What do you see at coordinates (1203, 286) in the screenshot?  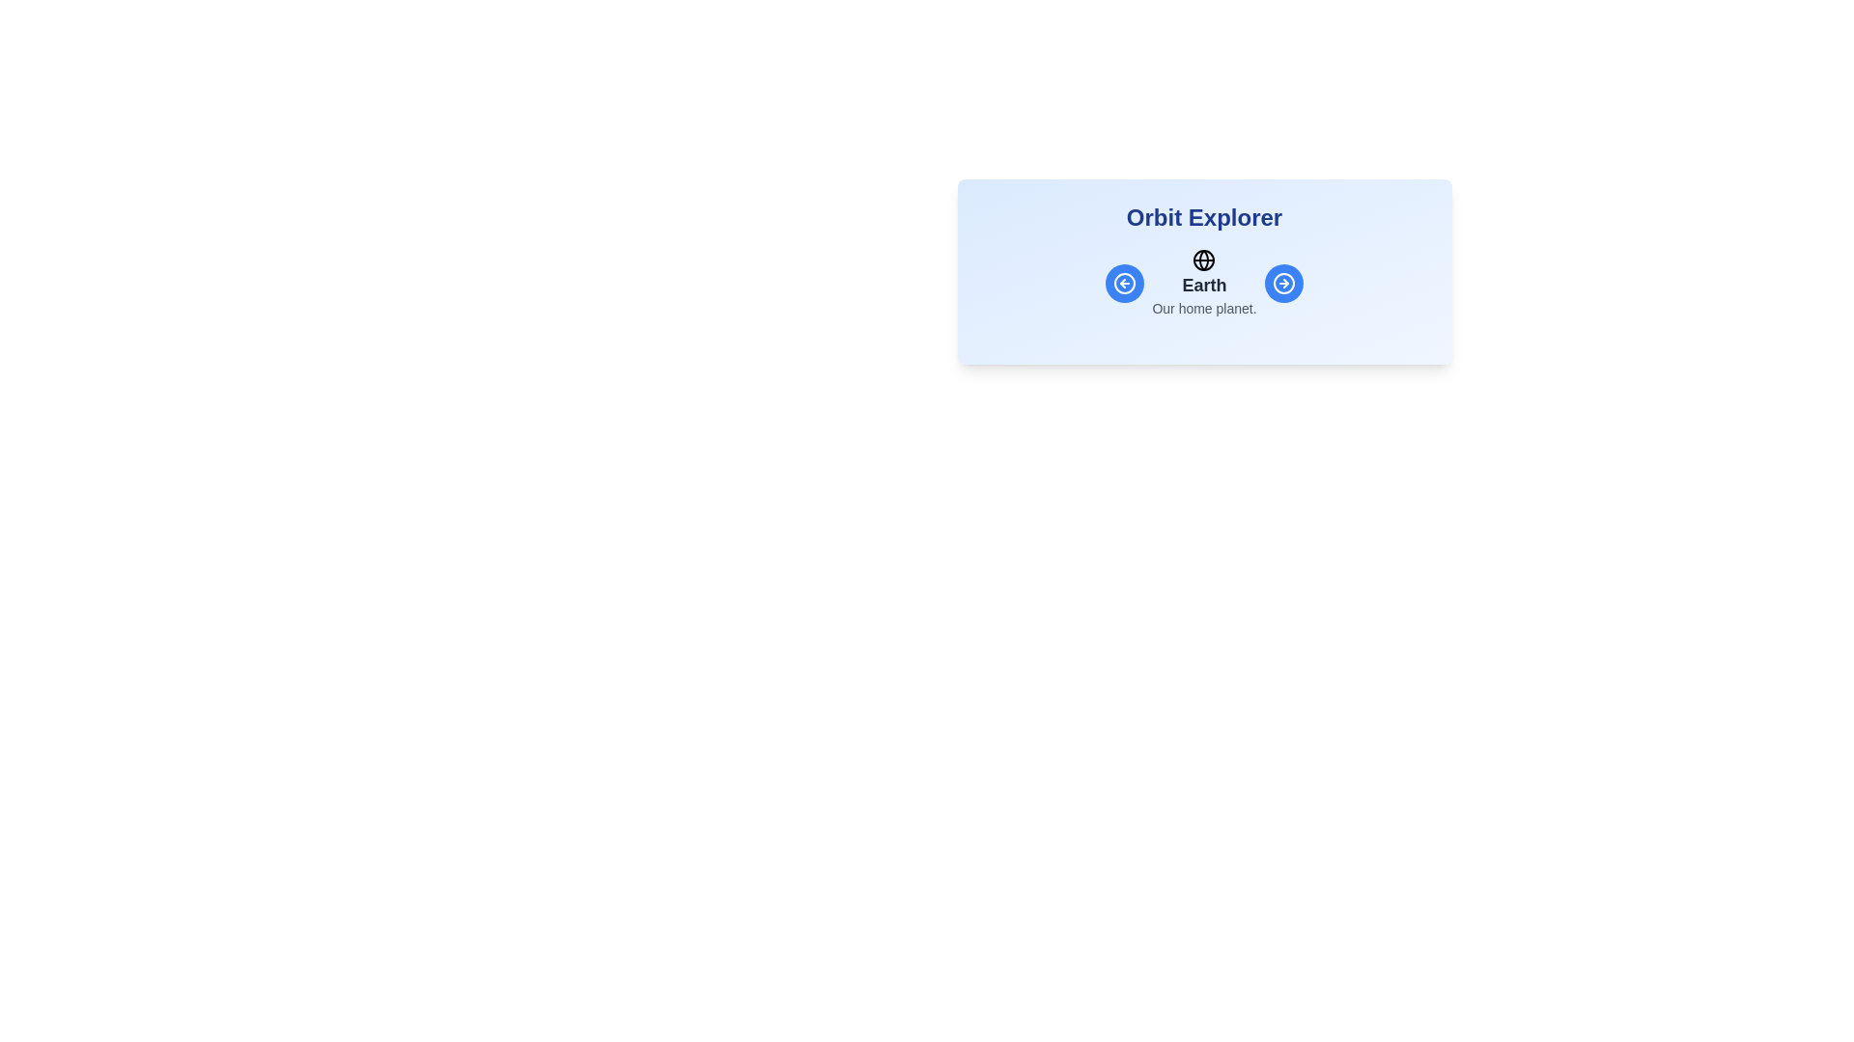 I see `text content of the bold label displaying 'Earth', which is centrally positioned above the description 'Our home planet.'` at bounding box center [1203, 286].